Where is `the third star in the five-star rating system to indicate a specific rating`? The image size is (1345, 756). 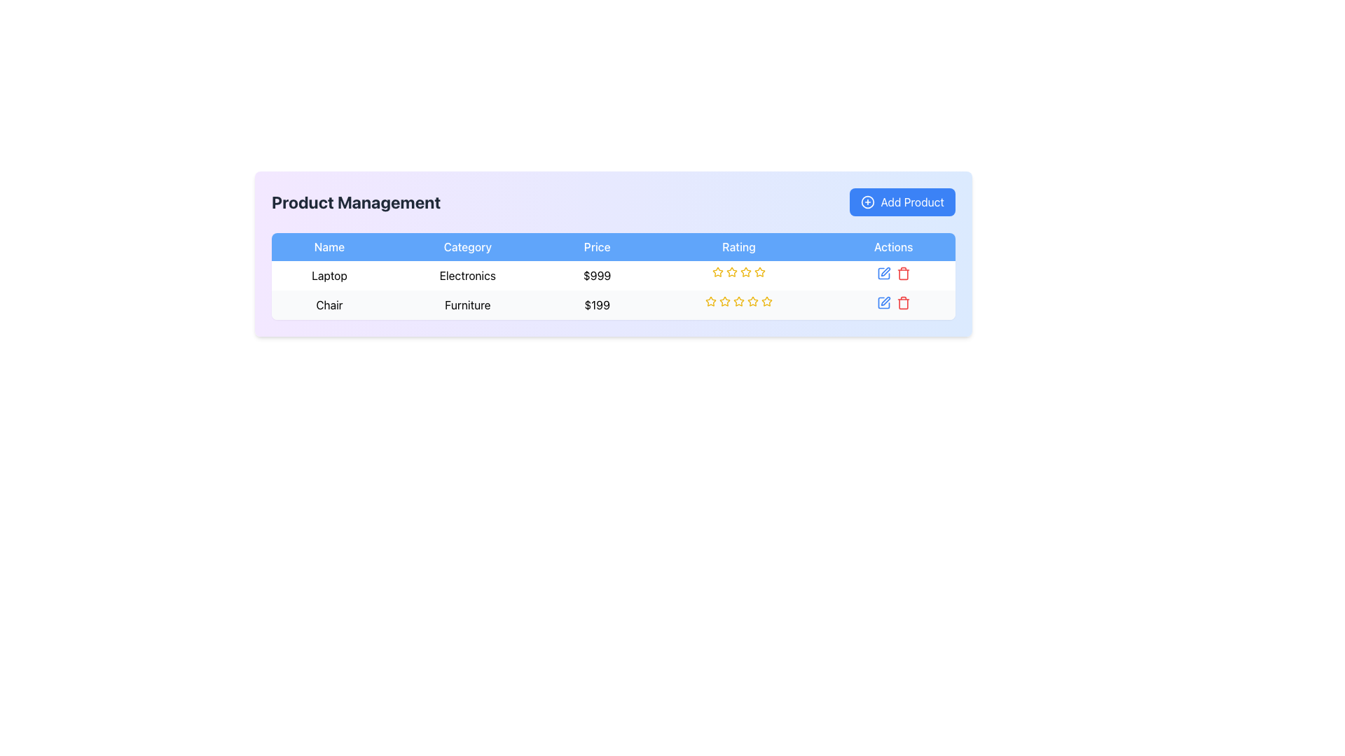
the third star in the five-star rating system to indicate a specific rating is located at coordinates (738, 300).